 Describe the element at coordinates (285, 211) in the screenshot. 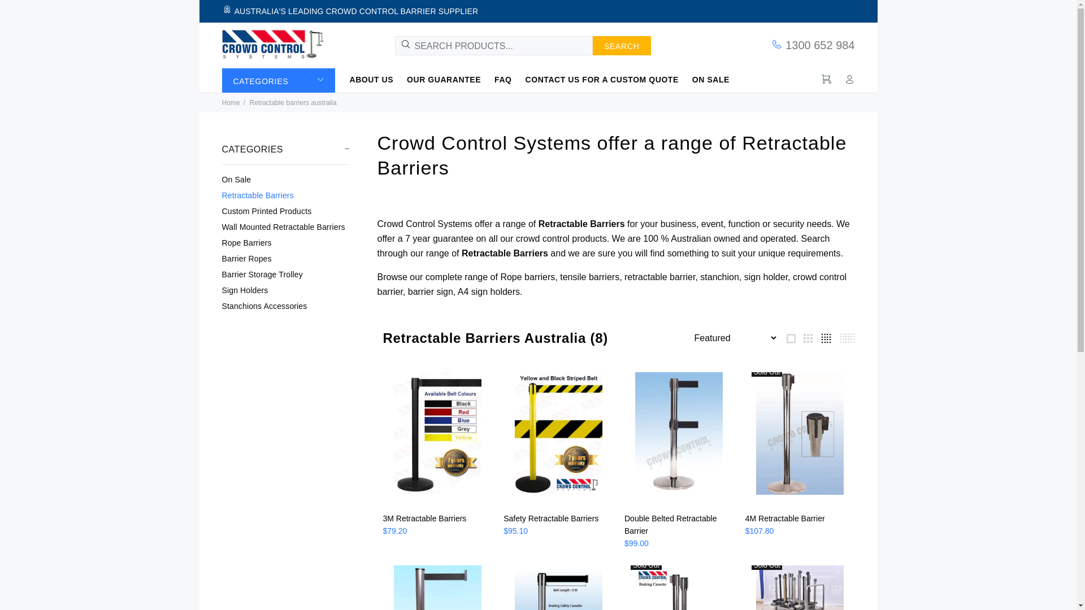

I see `'Custom Printed Products'` at that location.